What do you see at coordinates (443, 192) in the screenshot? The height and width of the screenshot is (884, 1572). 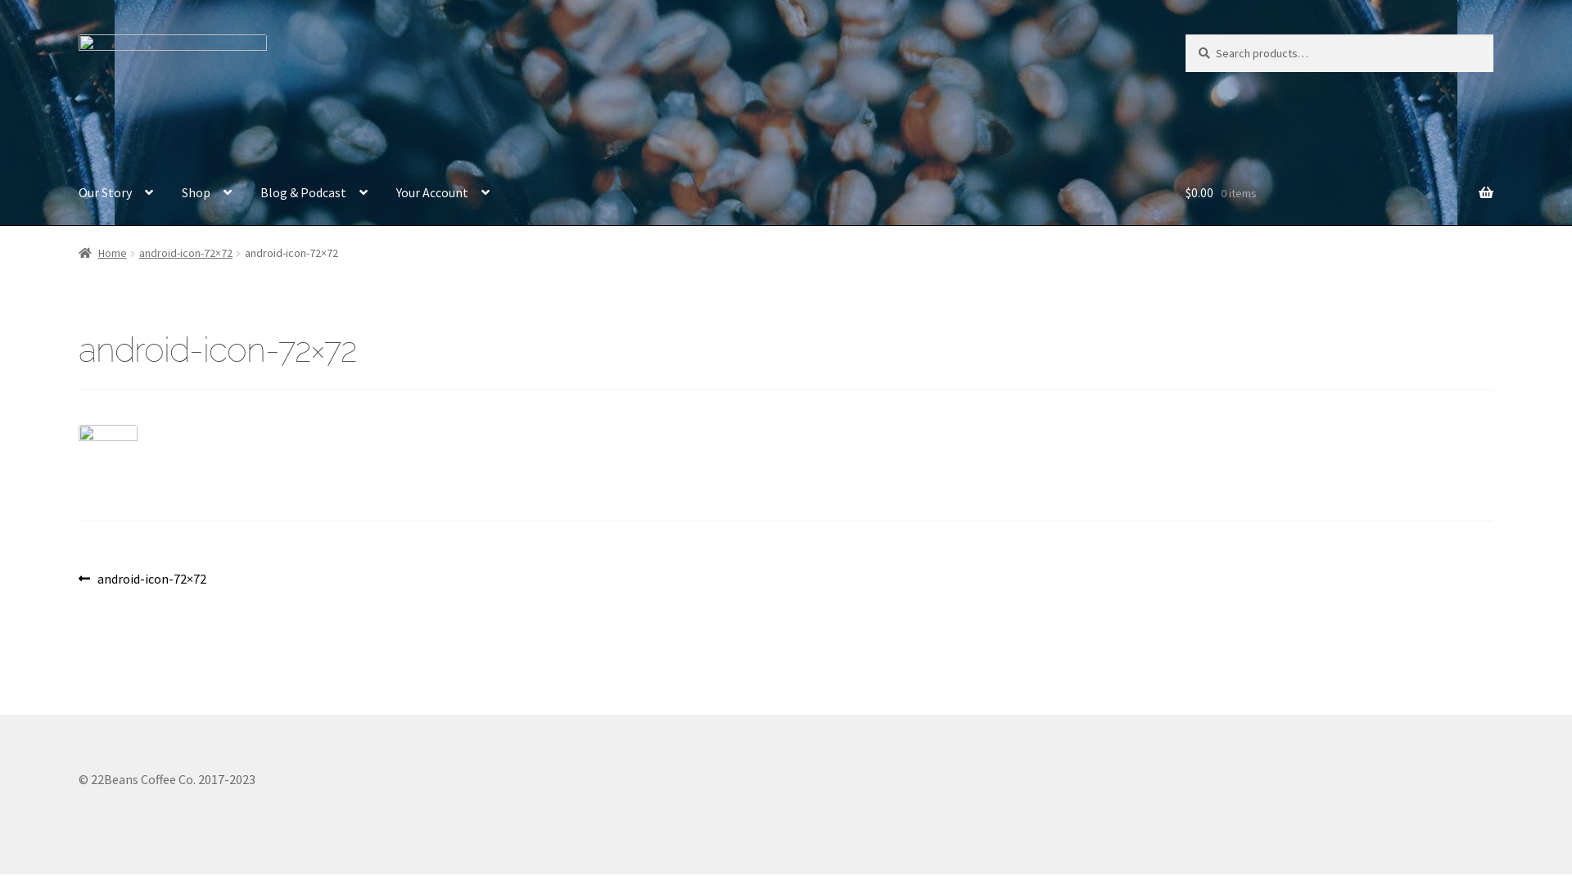 I see `'Your Account'` at bounding box center [443, 192].